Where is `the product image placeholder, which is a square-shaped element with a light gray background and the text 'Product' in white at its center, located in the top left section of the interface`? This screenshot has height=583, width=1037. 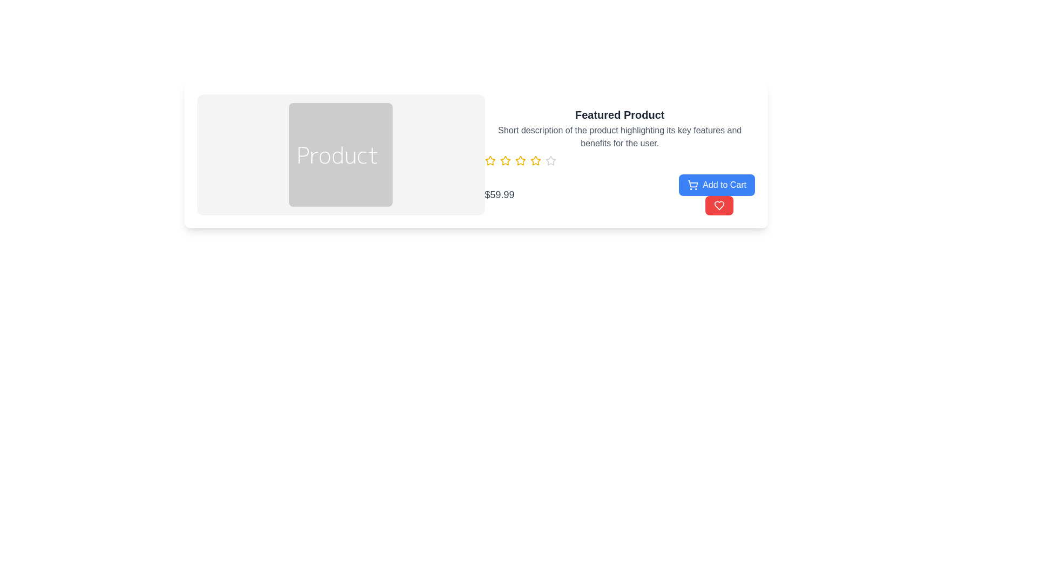 the product image placeholder, which is a square-shaped element with a light gray background and the text 'Product' in white at its center, located in the top left section of the interface is located at coordinates (340, 154).